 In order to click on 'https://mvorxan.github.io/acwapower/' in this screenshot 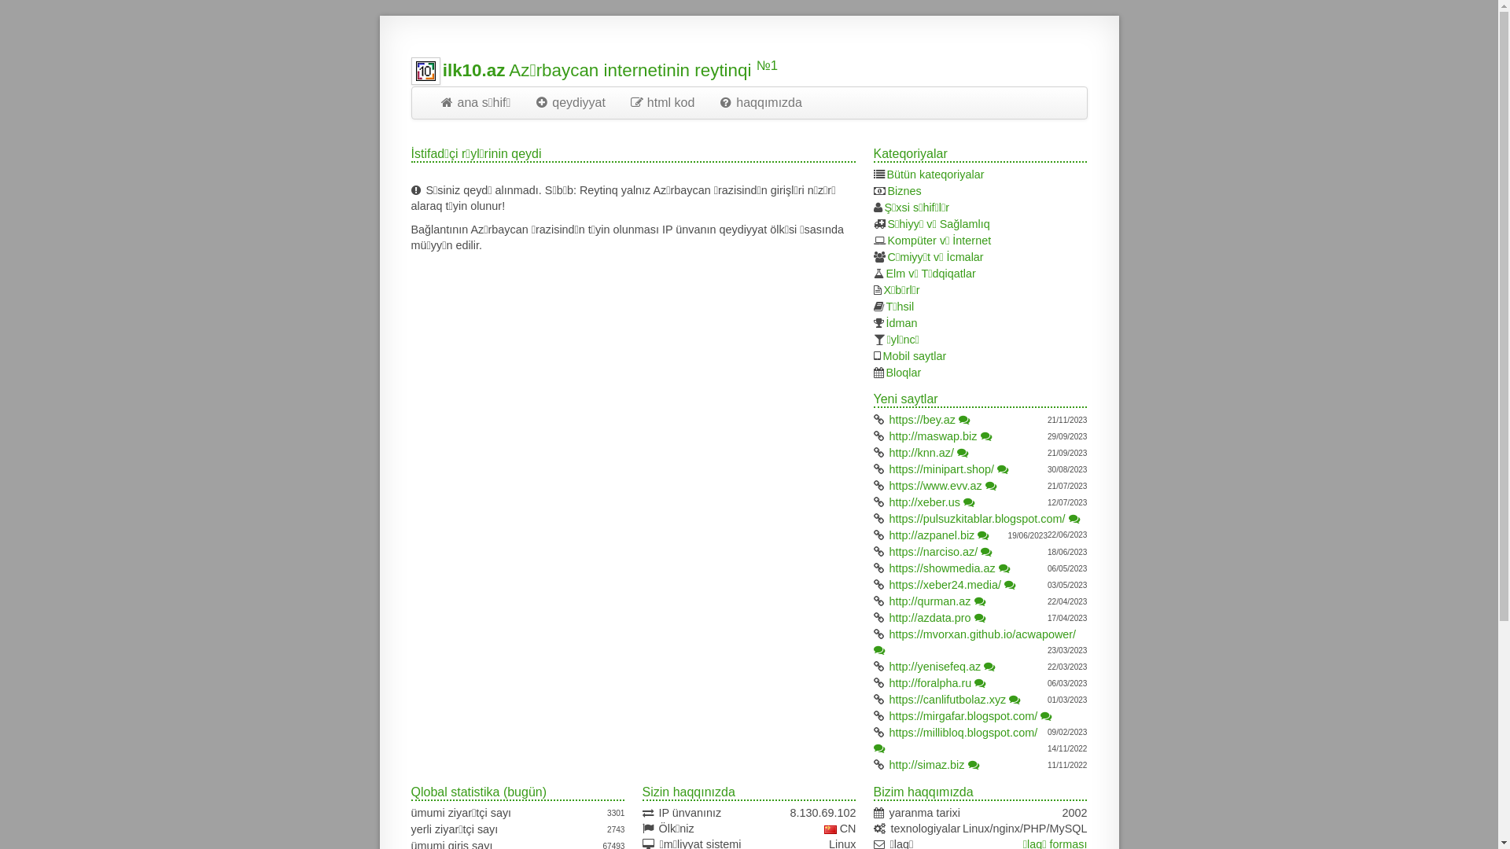, I will do `click(889, 633)`.